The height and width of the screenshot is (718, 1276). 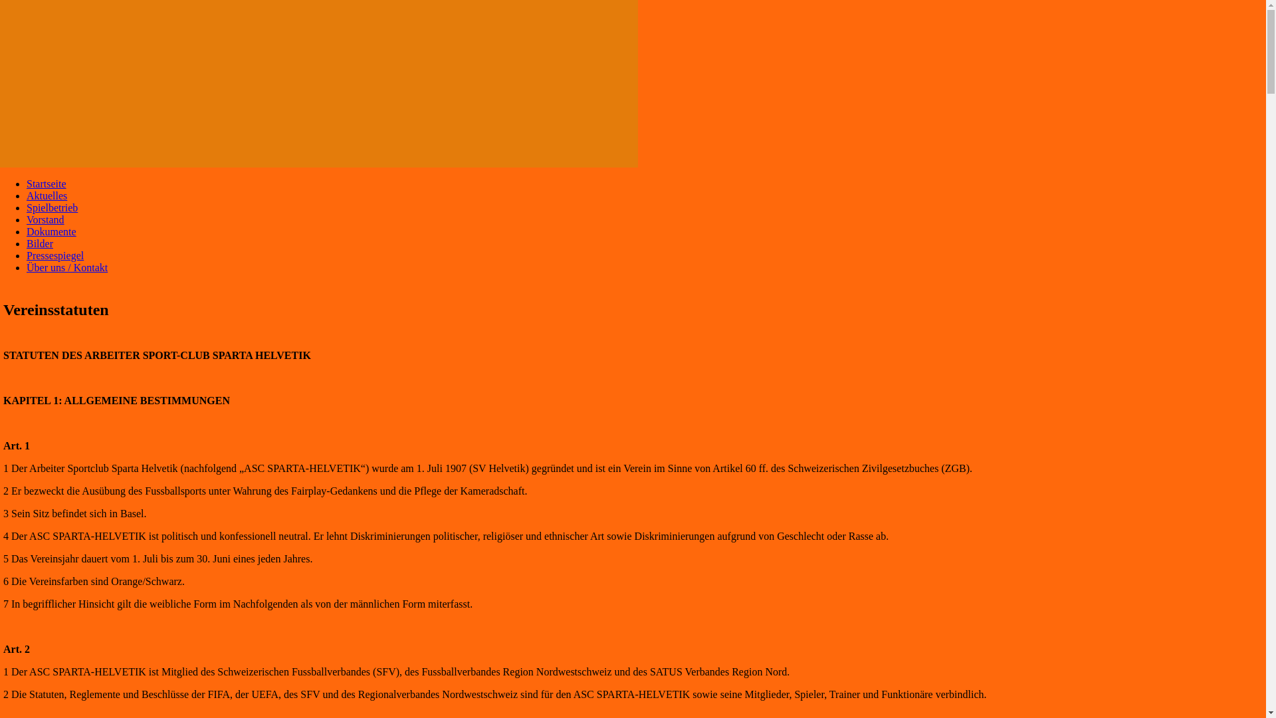 What do you see at coordinates (45, 219) in the screenshot?
I see `'Vorstand'` at bounding box center [45, 219].